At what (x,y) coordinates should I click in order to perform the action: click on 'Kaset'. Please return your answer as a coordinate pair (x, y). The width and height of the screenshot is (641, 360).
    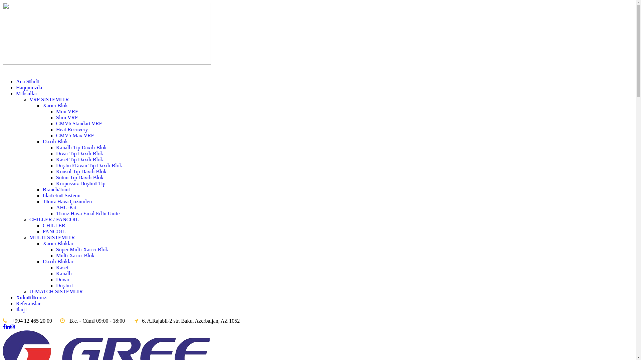
    Looking at the image, I should click on (62, 267).